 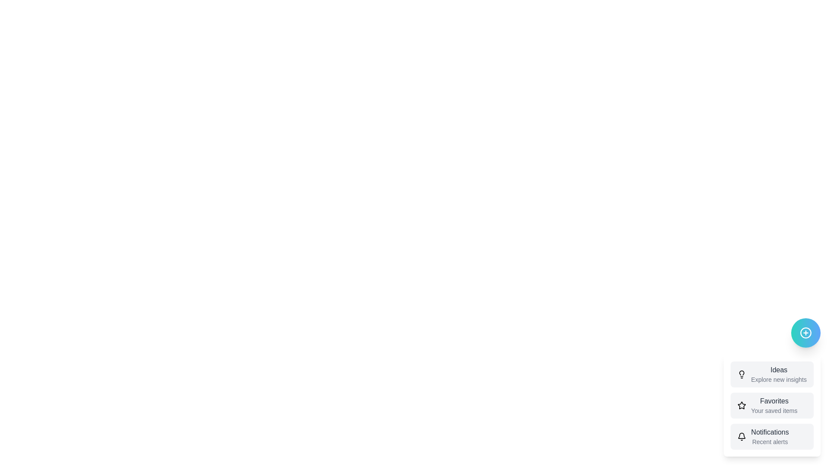 What do you see at coordinates (741, 374) in the screenshot?
I see `the 'Ideas' icon, which is located at the topmost position of the vertical list of options` at bounding box center [741, 374].